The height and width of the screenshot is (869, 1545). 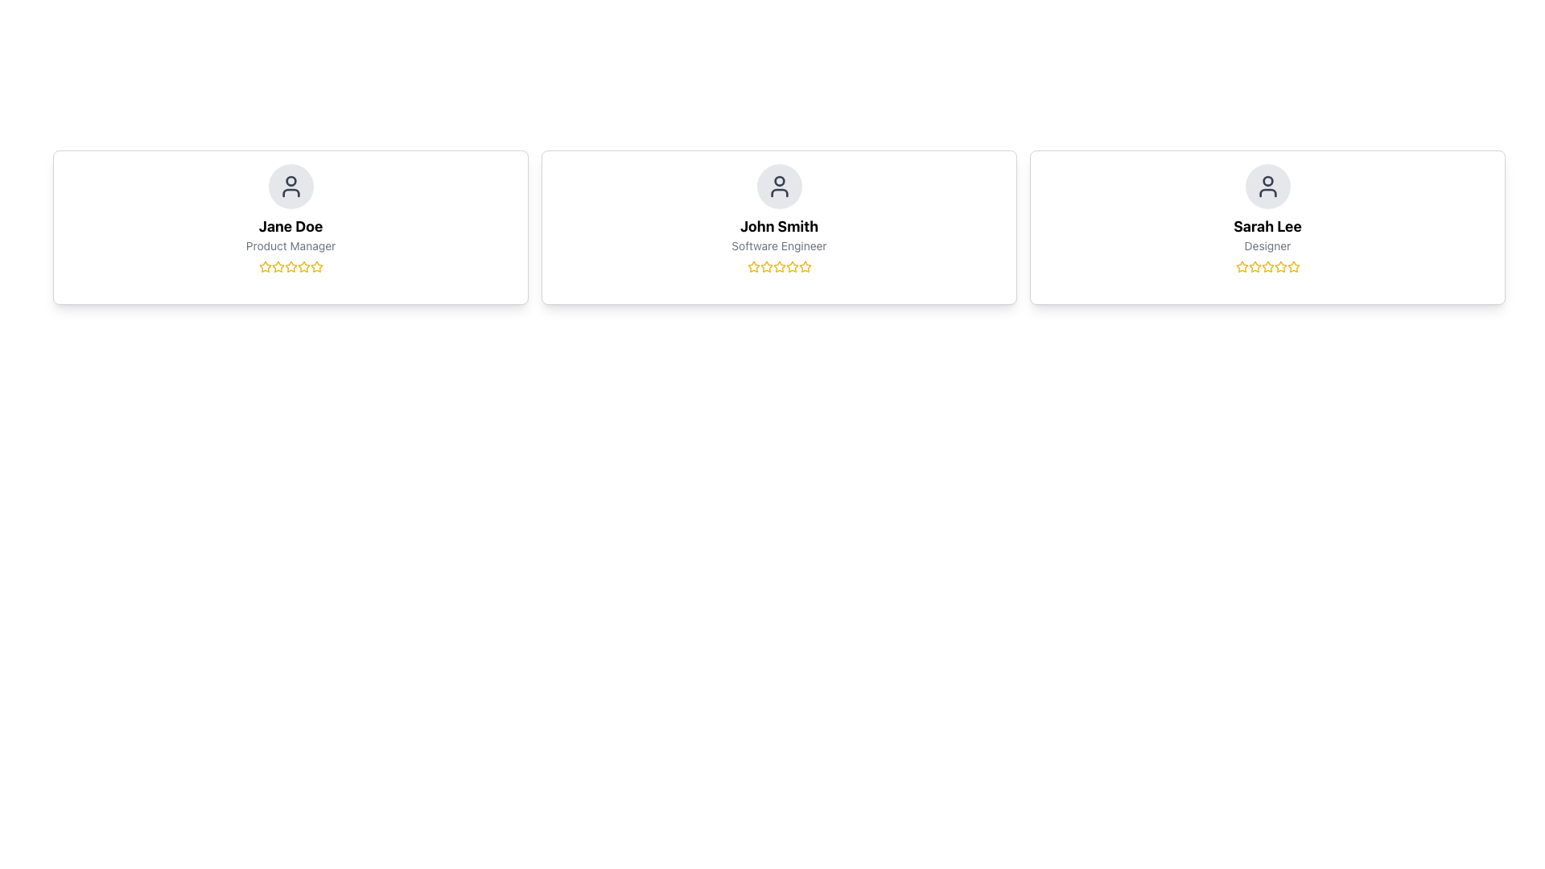 What do you see at coordinates (290, 181) in the screenshot?
I see `the circular highlight within the avatar icon of Jane Doe's user card, located at the top section of the leftmost user card in the layout` at bounding box center [290, 181].